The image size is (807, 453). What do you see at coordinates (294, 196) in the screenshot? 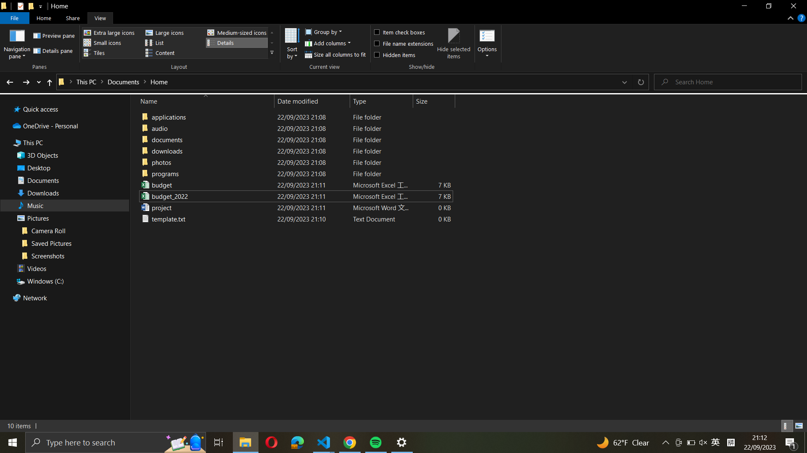
I see `the "budget_2022_excel_file" using the standard Excel files software` at bounding box center [294, 196].